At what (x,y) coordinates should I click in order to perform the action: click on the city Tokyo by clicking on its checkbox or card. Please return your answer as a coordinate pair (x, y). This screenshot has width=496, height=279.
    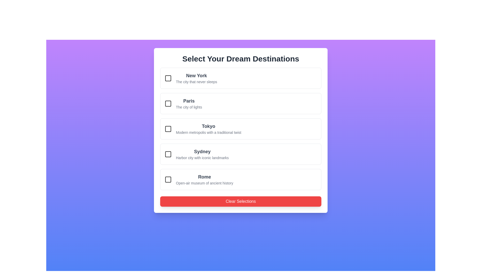
    Looking at the image, I should click on (168, 128).